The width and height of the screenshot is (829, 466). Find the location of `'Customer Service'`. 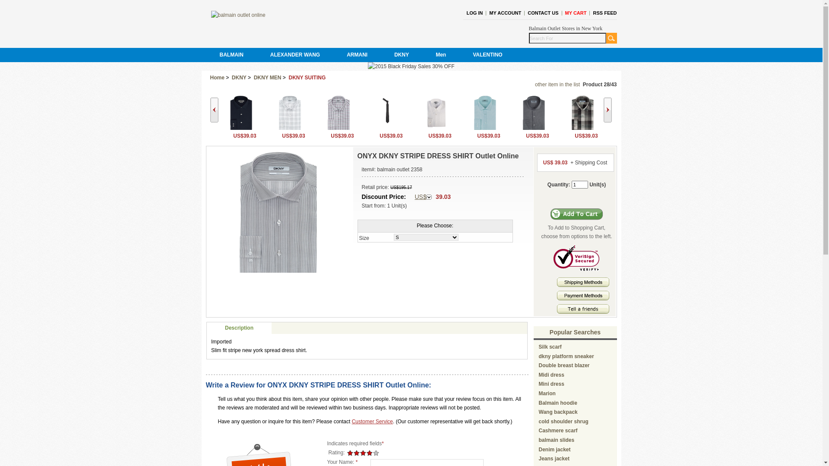

'Customer Service' is located at coordinates (372, 421).